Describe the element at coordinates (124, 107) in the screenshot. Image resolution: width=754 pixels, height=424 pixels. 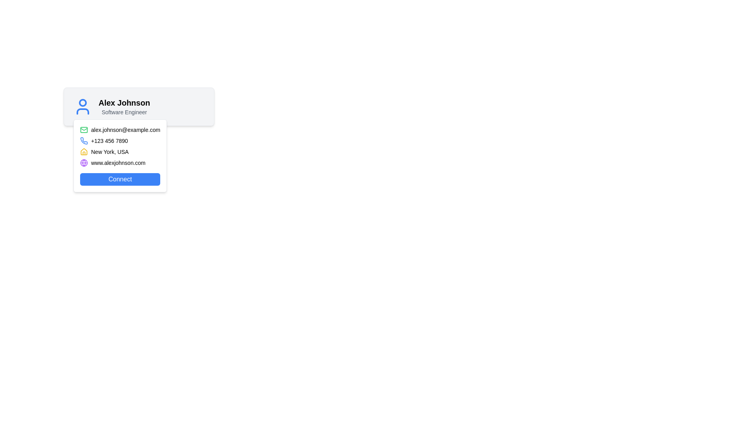
I see `the user identifier text block displaying the user's name and role, which is centrally located next to the user icon` at that location.